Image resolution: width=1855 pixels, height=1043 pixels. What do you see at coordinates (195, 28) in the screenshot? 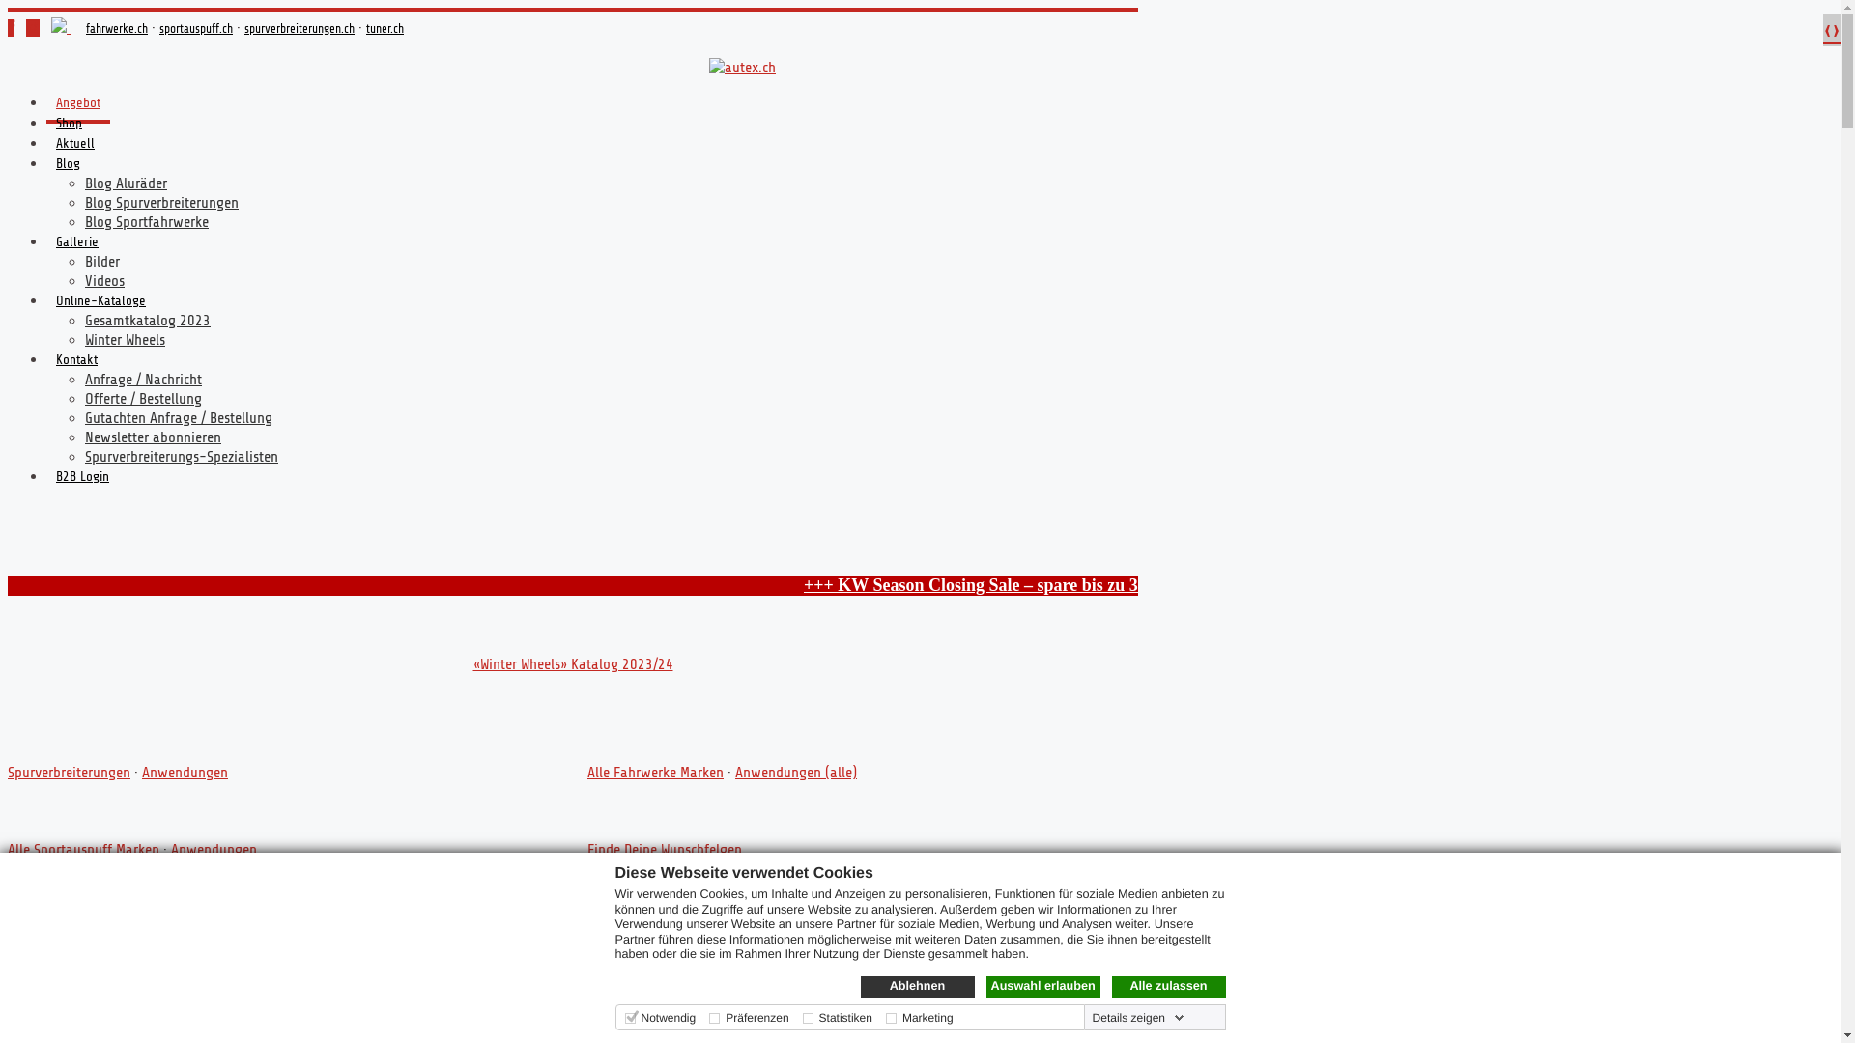
I see `'sportauspuff.ch'` at bounding box center [195, 28].